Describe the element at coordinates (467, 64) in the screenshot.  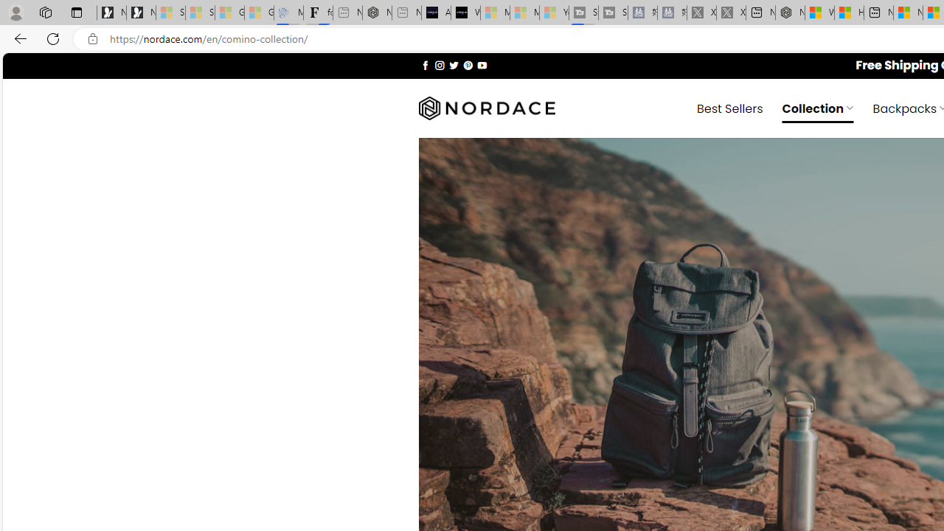
I see `'Follow on Pinterest'` at that location.